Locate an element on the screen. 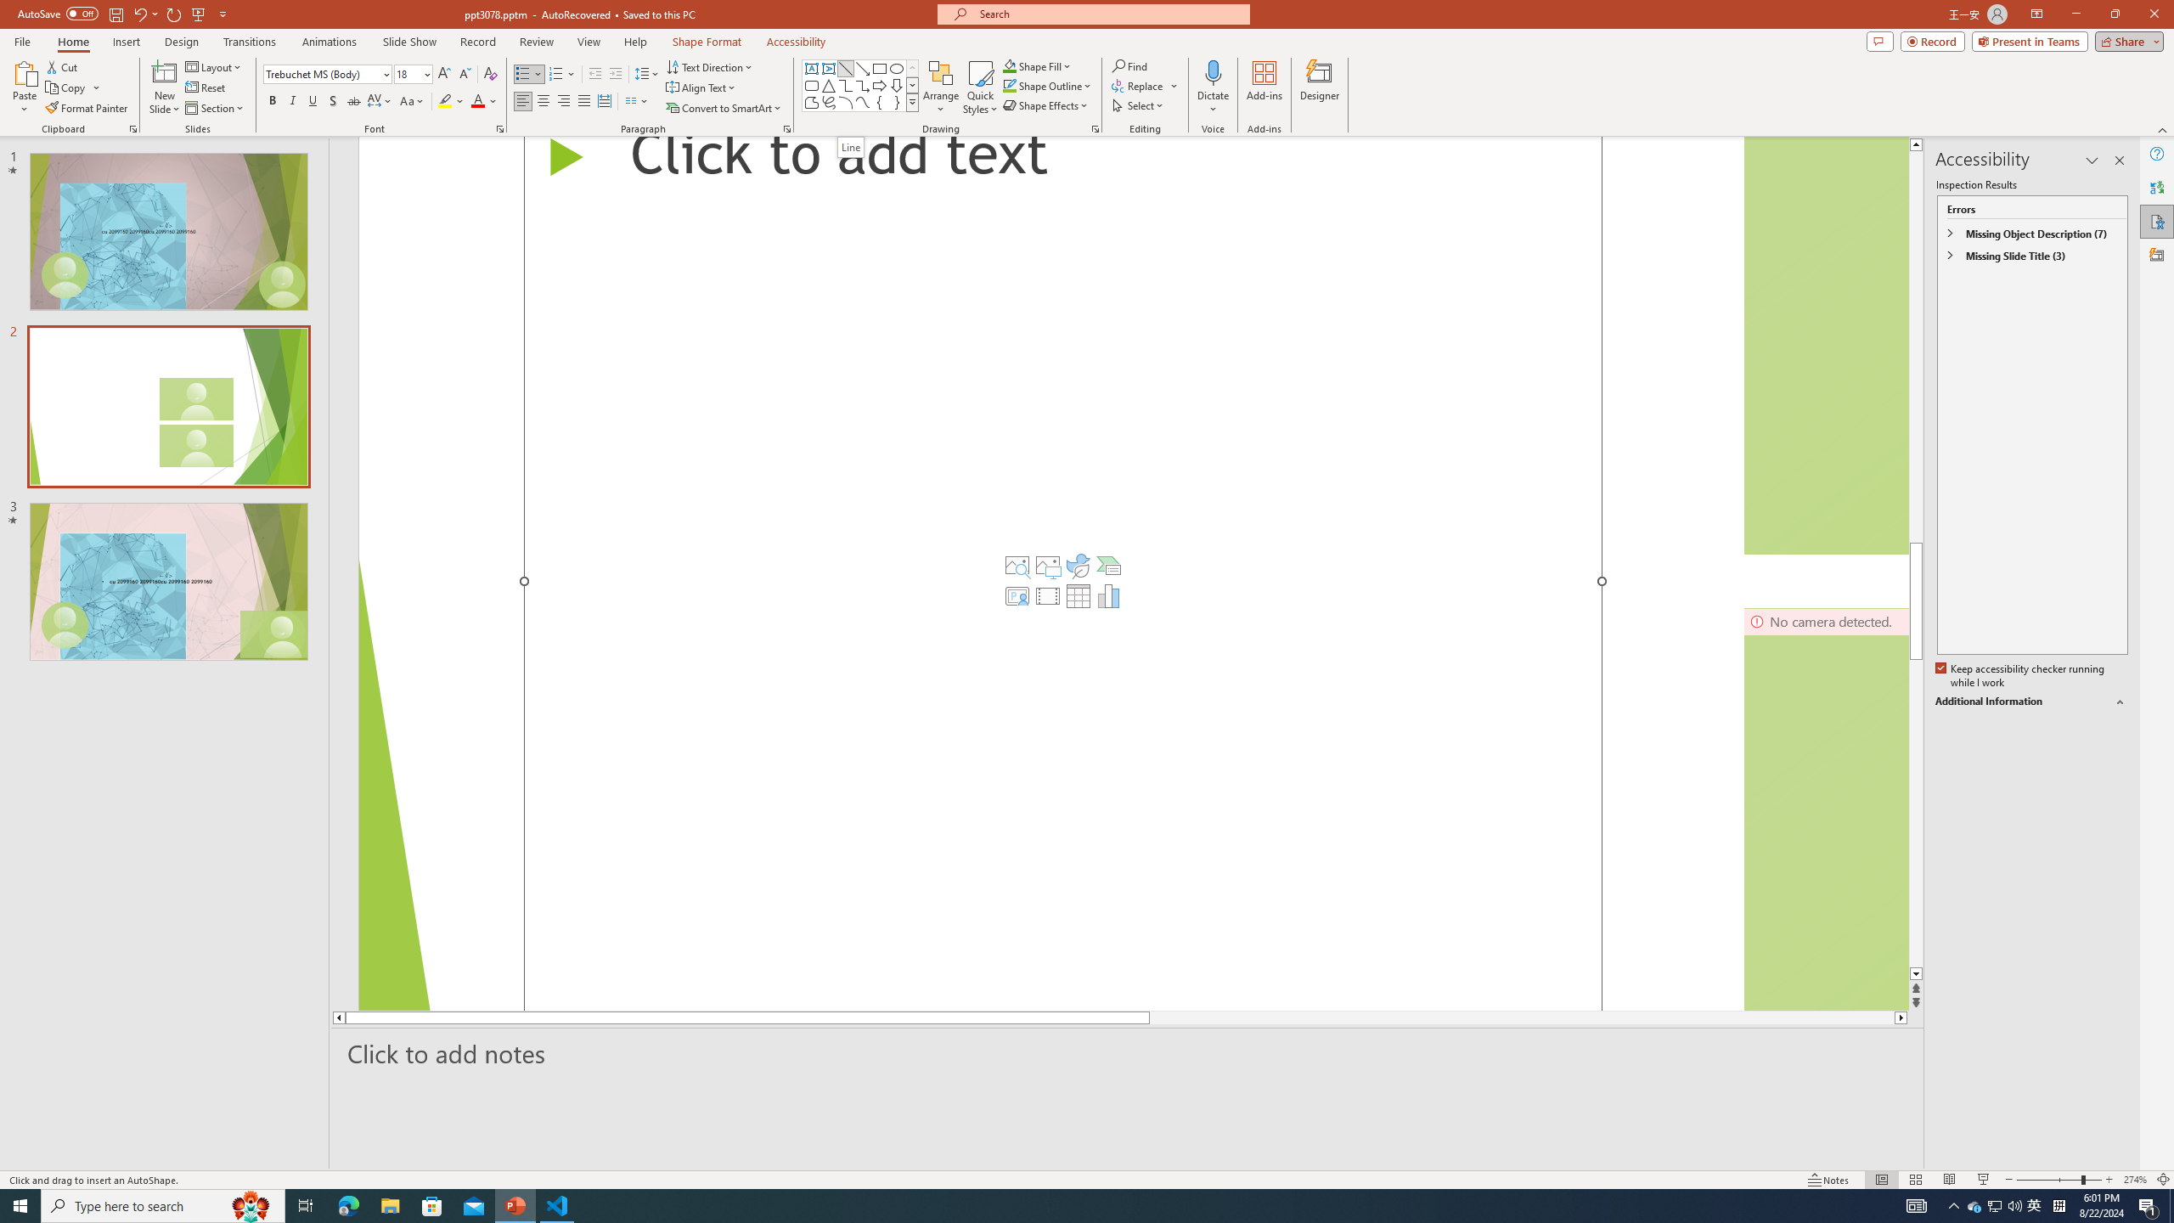 The width and height of the screenshot is (2174, 1223). 'Content Placeholder' is located at coordinates (1062, 572).